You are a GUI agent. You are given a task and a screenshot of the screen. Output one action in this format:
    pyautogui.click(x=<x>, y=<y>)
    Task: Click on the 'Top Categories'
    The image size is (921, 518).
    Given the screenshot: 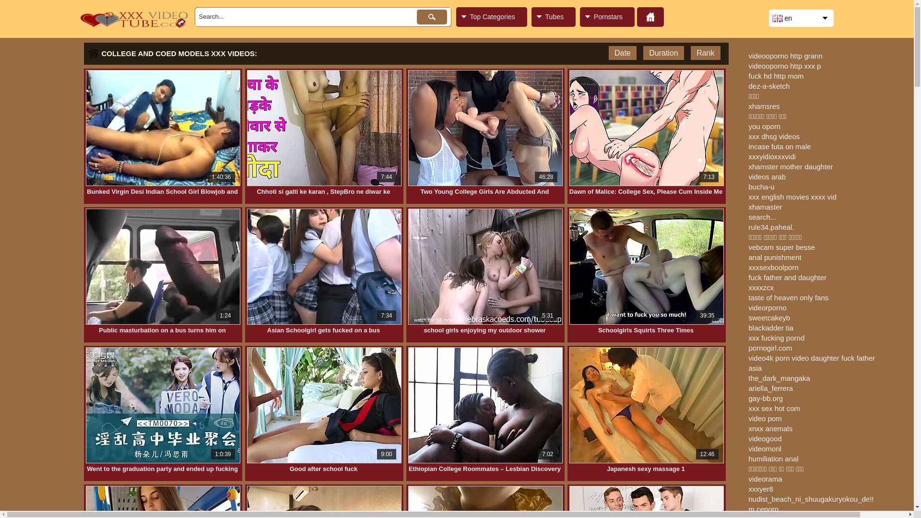 What is the action you would take?
    pyautogui.click(x=491, y=17)
    